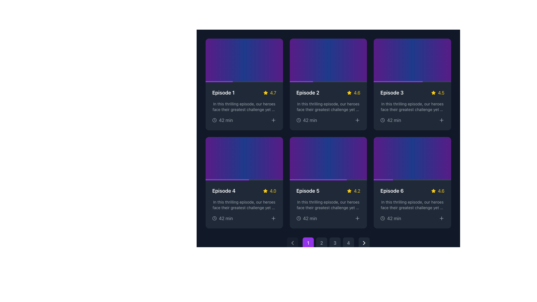 This screenshot has width=537, height=302. Describe the element at coordinates (357, 119) in the screenshot. I see `the interactive button located at the bottom-right corner of the card for 'Episode 3', adjacent to the '42 min' text` at that location.